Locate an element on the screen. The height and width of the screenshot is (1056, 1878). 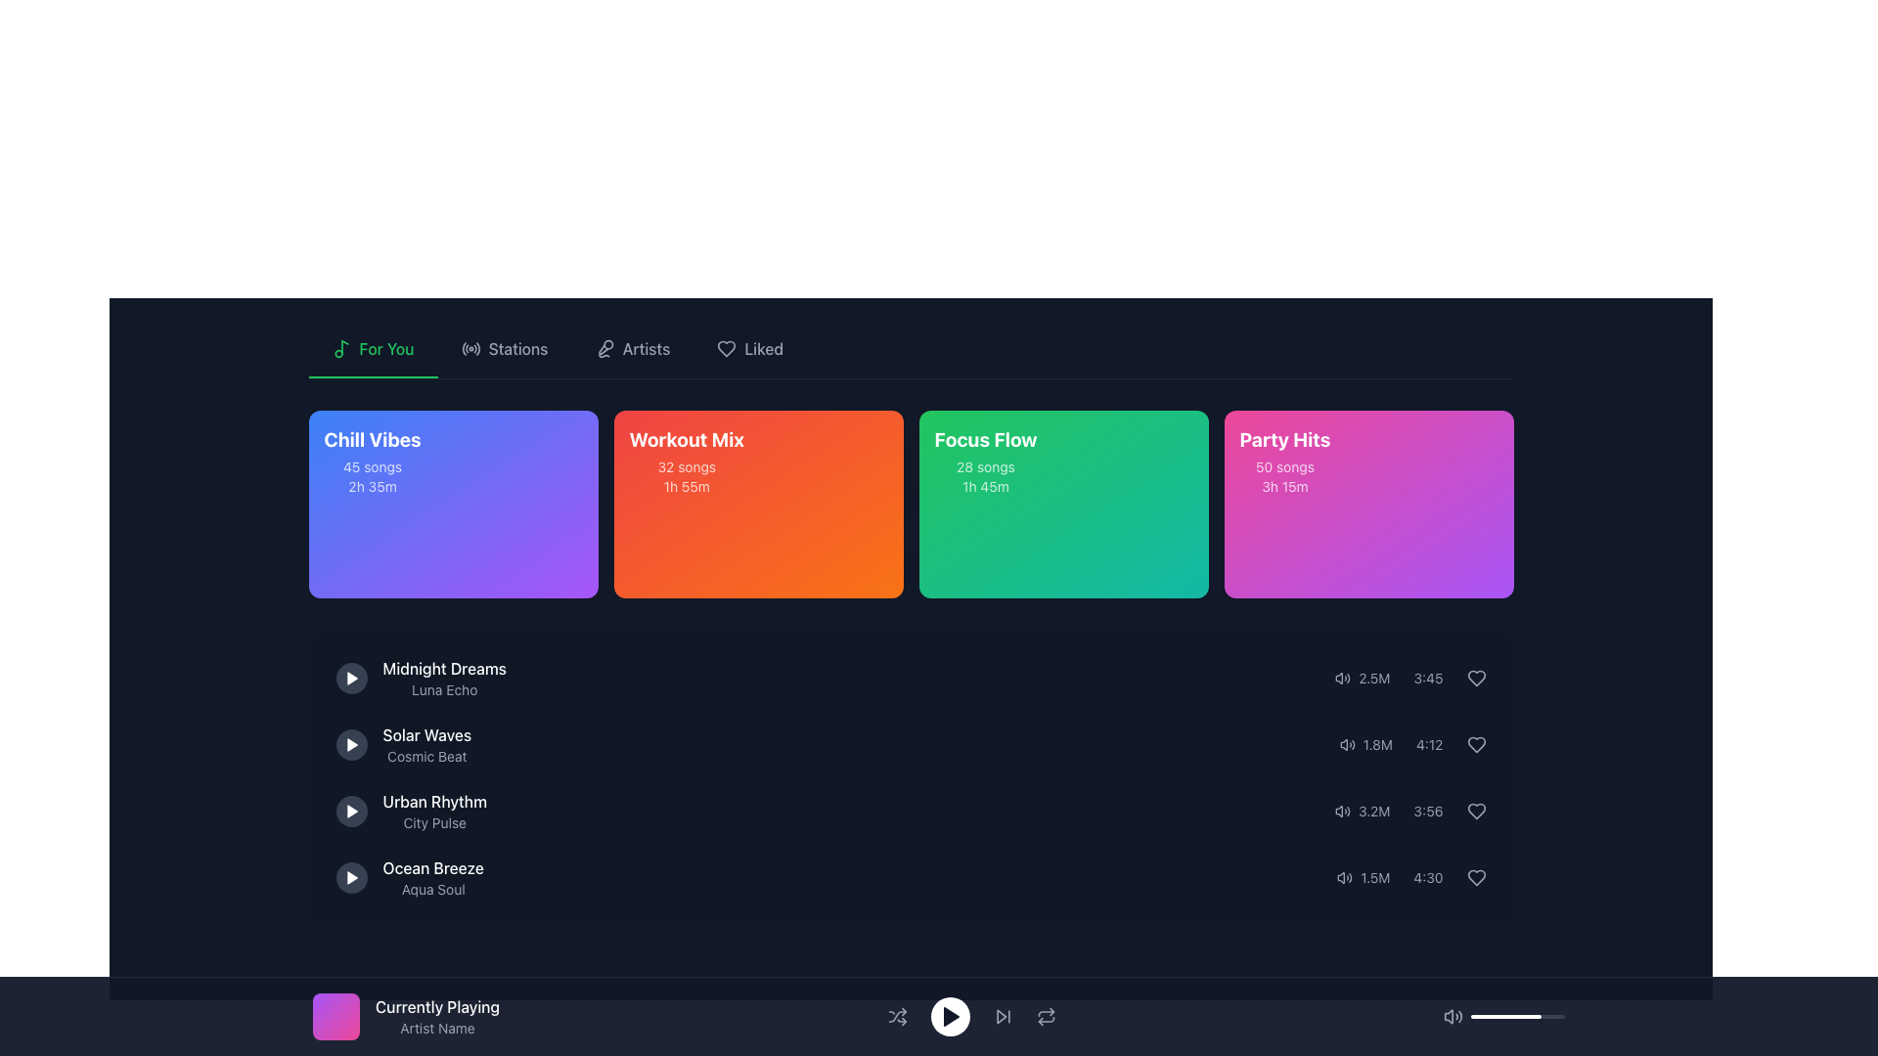
the text element displaying '1.8M', which indicates the count of a metric related to the song, located in the second row of song details within the playlist interface is located at coordinates (1364, 745).